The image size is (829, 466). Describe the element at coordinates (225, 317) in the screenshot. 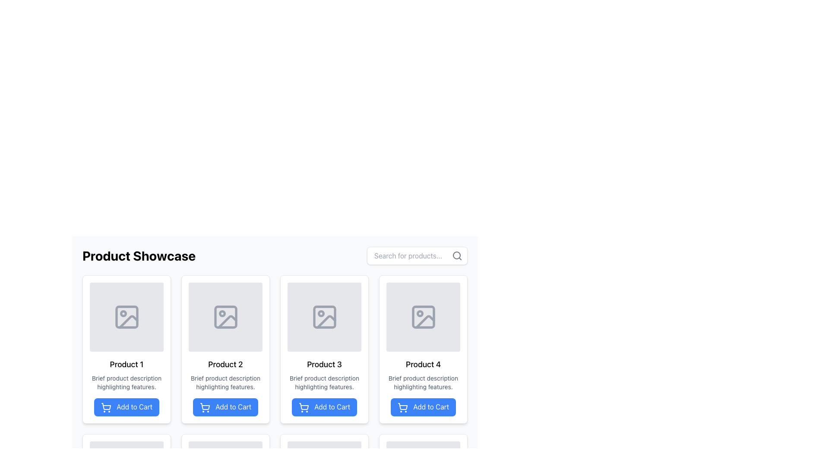

I see `the Decorative graphic element within the second product card in the grid under the 'Product Showcase' section, which serves as an image placeholder for the product card` at that location.